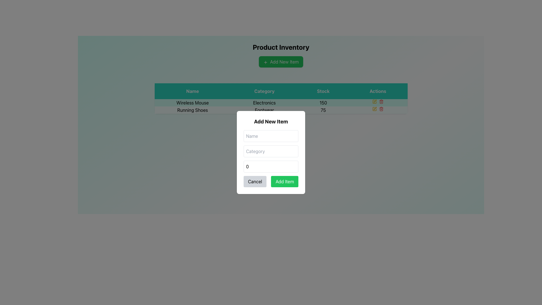 The height and width of the screenshot is (305, 542). Describe the element at coordinates (265, 62) in the screenshot. I see `the '+' icon inside the 'Add New Item' button, which is centrally positioned at the top section of the interface` at that location.